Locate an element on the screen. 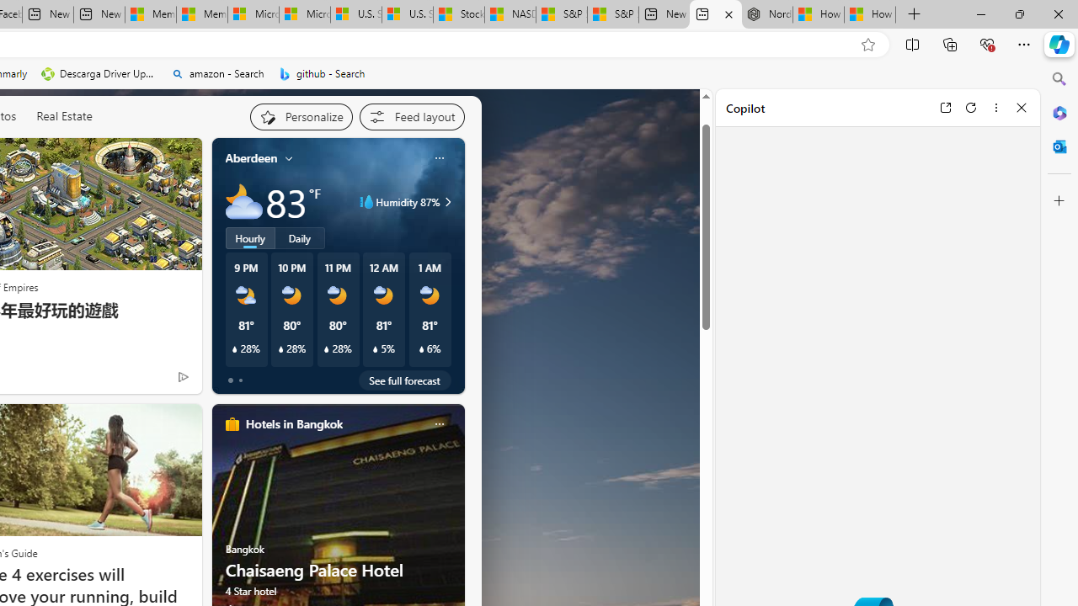 Image resolution: width=1078 pixels, height=606 pixels. 'tab-0' is located at coordinates (229, 380).